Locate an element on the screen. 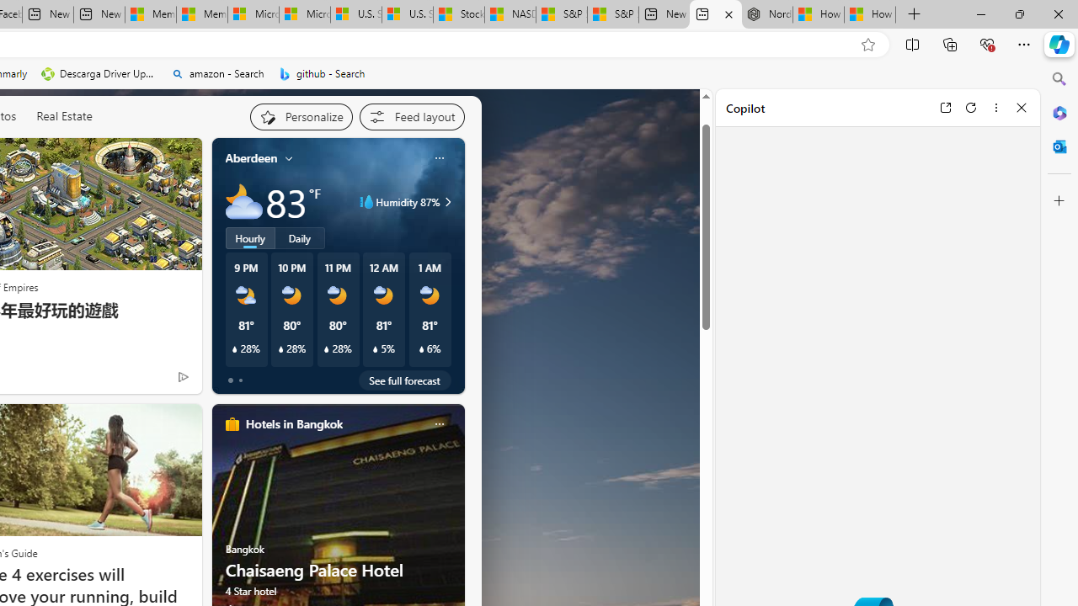 Image resolution: width=1078 pixels, height=606 pixels. 'tab-0' is located at coordinates (229, 380).